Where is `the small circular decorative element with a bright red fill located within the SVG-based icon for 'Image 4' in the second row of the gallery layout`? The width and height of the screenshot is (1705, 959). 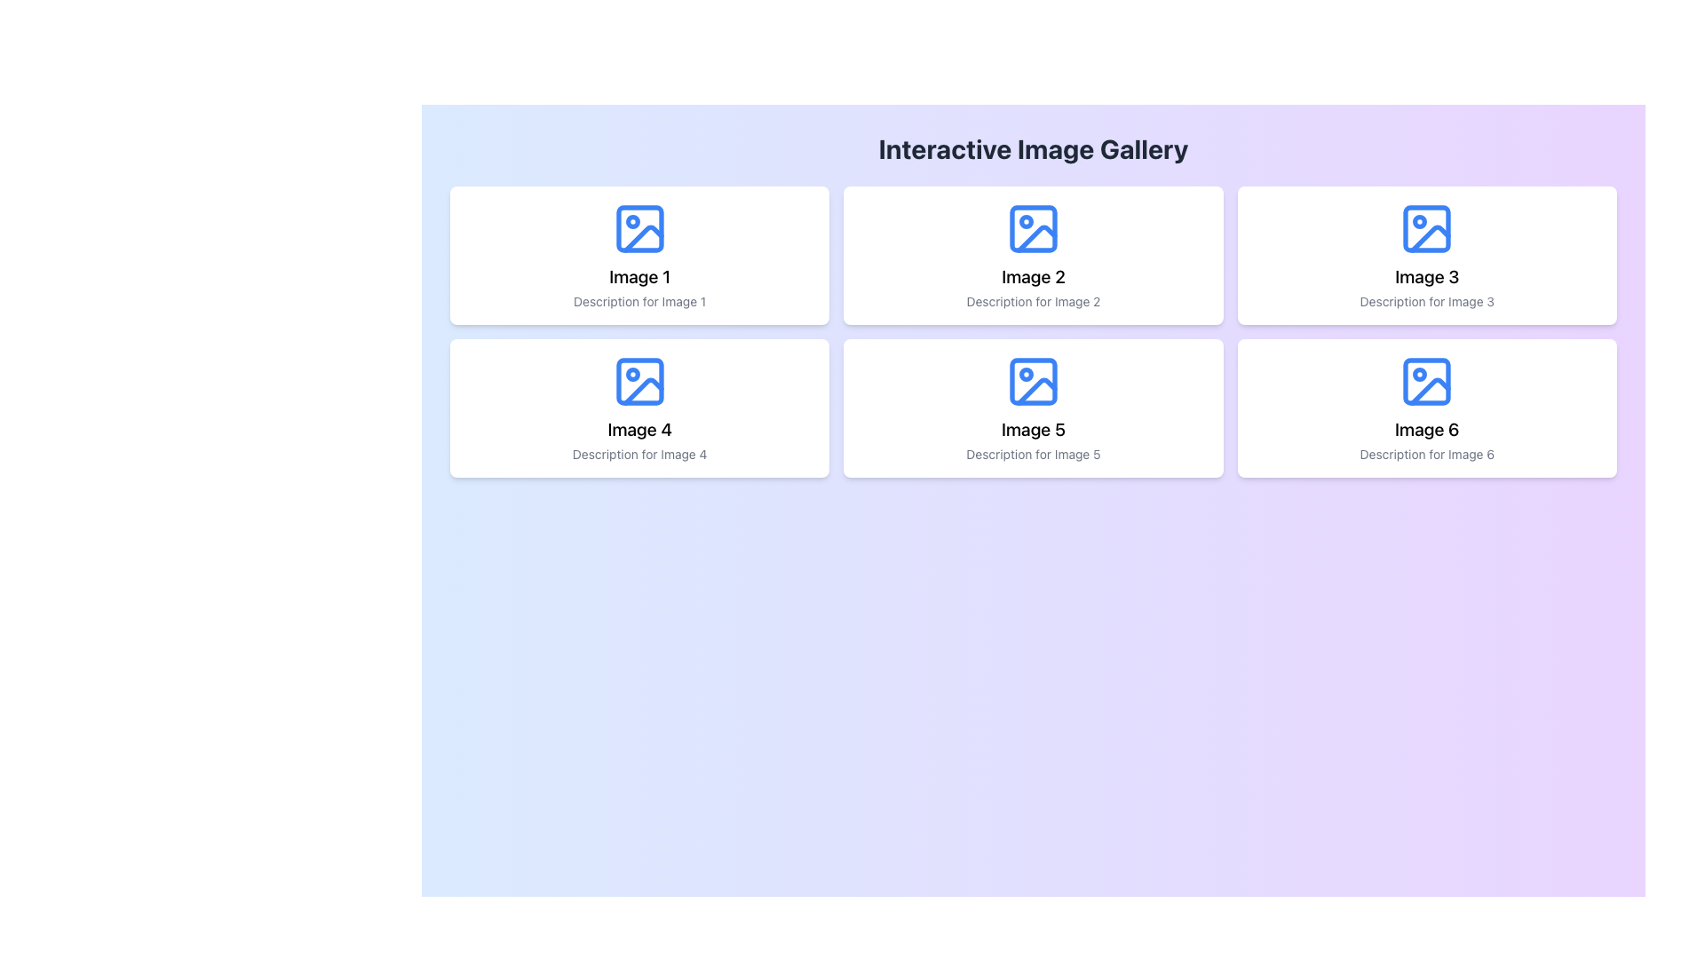
the small circular decorative element with a bright red fill located within the SVG-based icon for 'Image 4' in the second row of the gallery layout is located at coordinates (632, 373).